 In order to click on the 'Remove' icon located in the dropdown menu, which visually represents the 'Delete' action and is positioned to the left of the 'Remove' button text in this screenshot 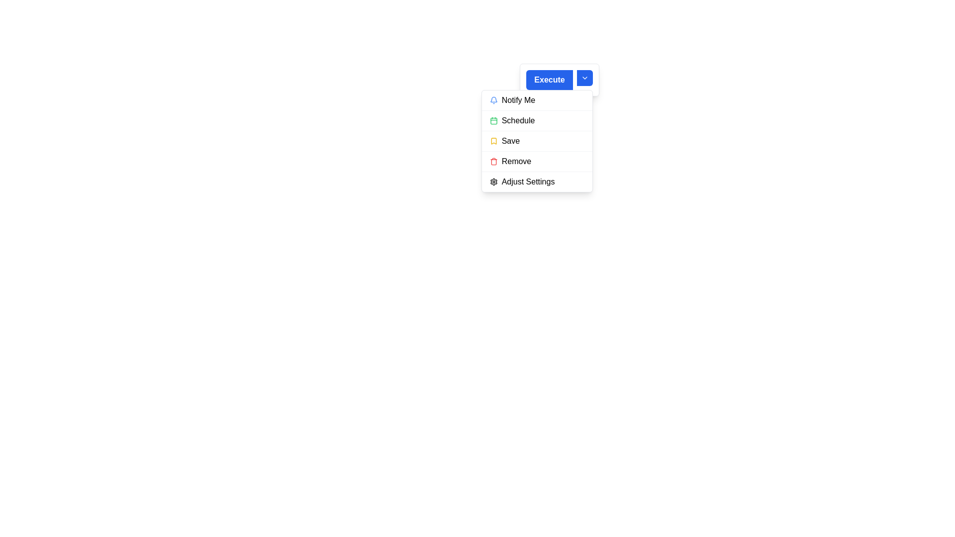, I will do `click(493, 161)`.